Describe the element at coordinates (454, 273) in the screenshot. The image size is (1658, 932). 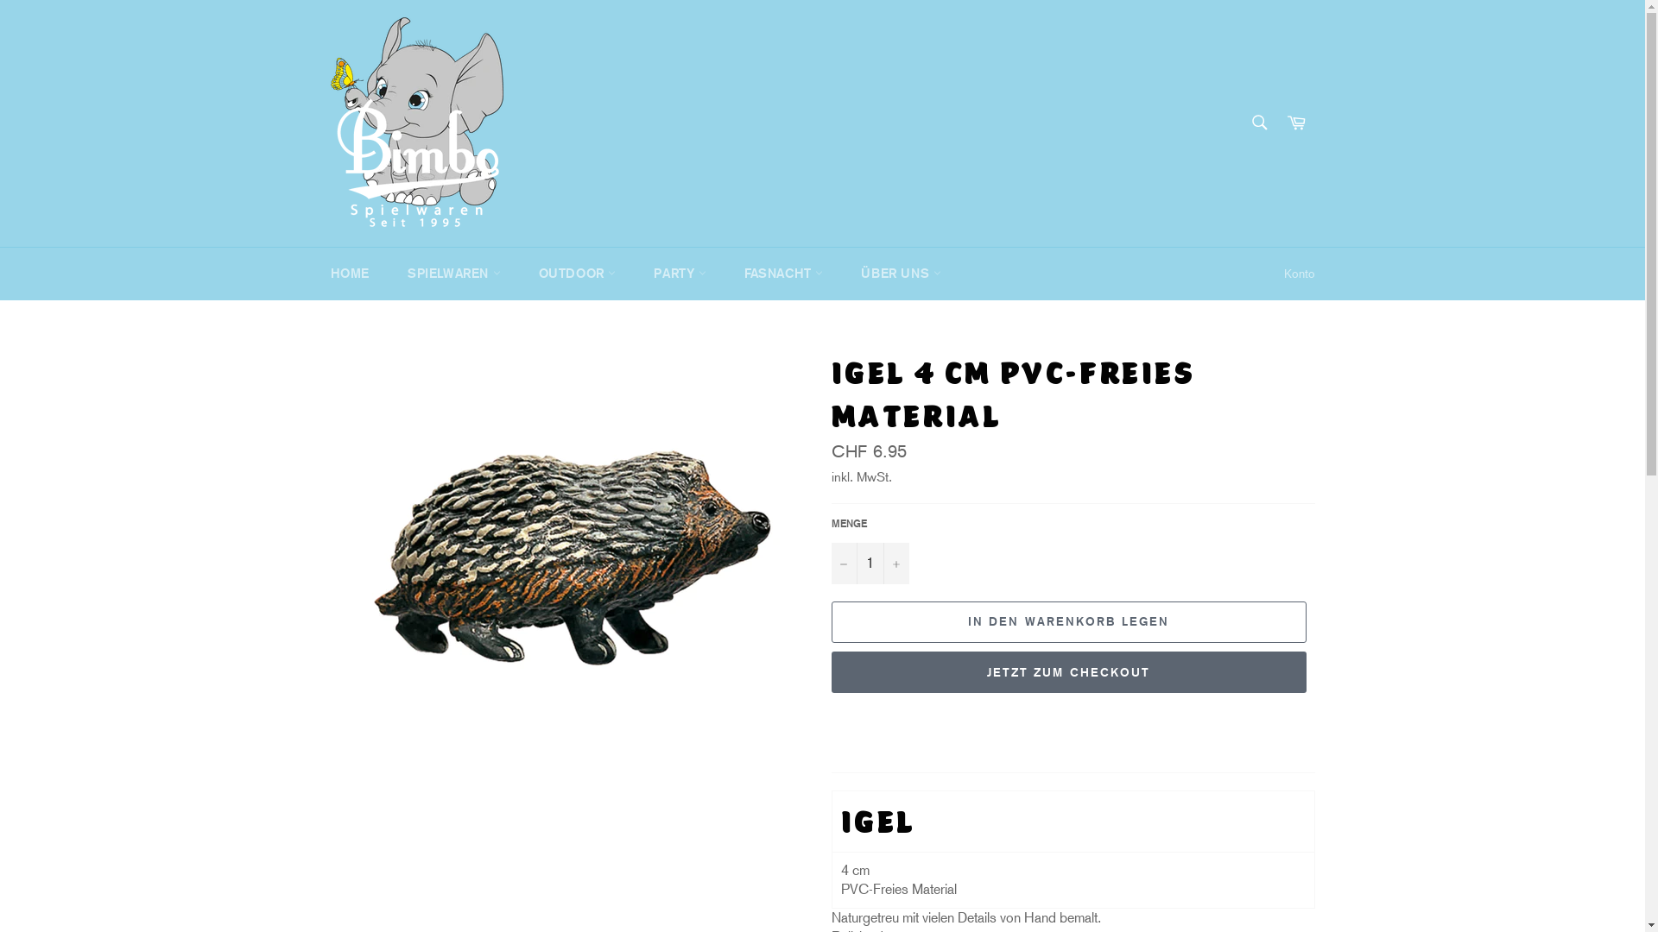
I see `'SPIELWAREN'` at that location.